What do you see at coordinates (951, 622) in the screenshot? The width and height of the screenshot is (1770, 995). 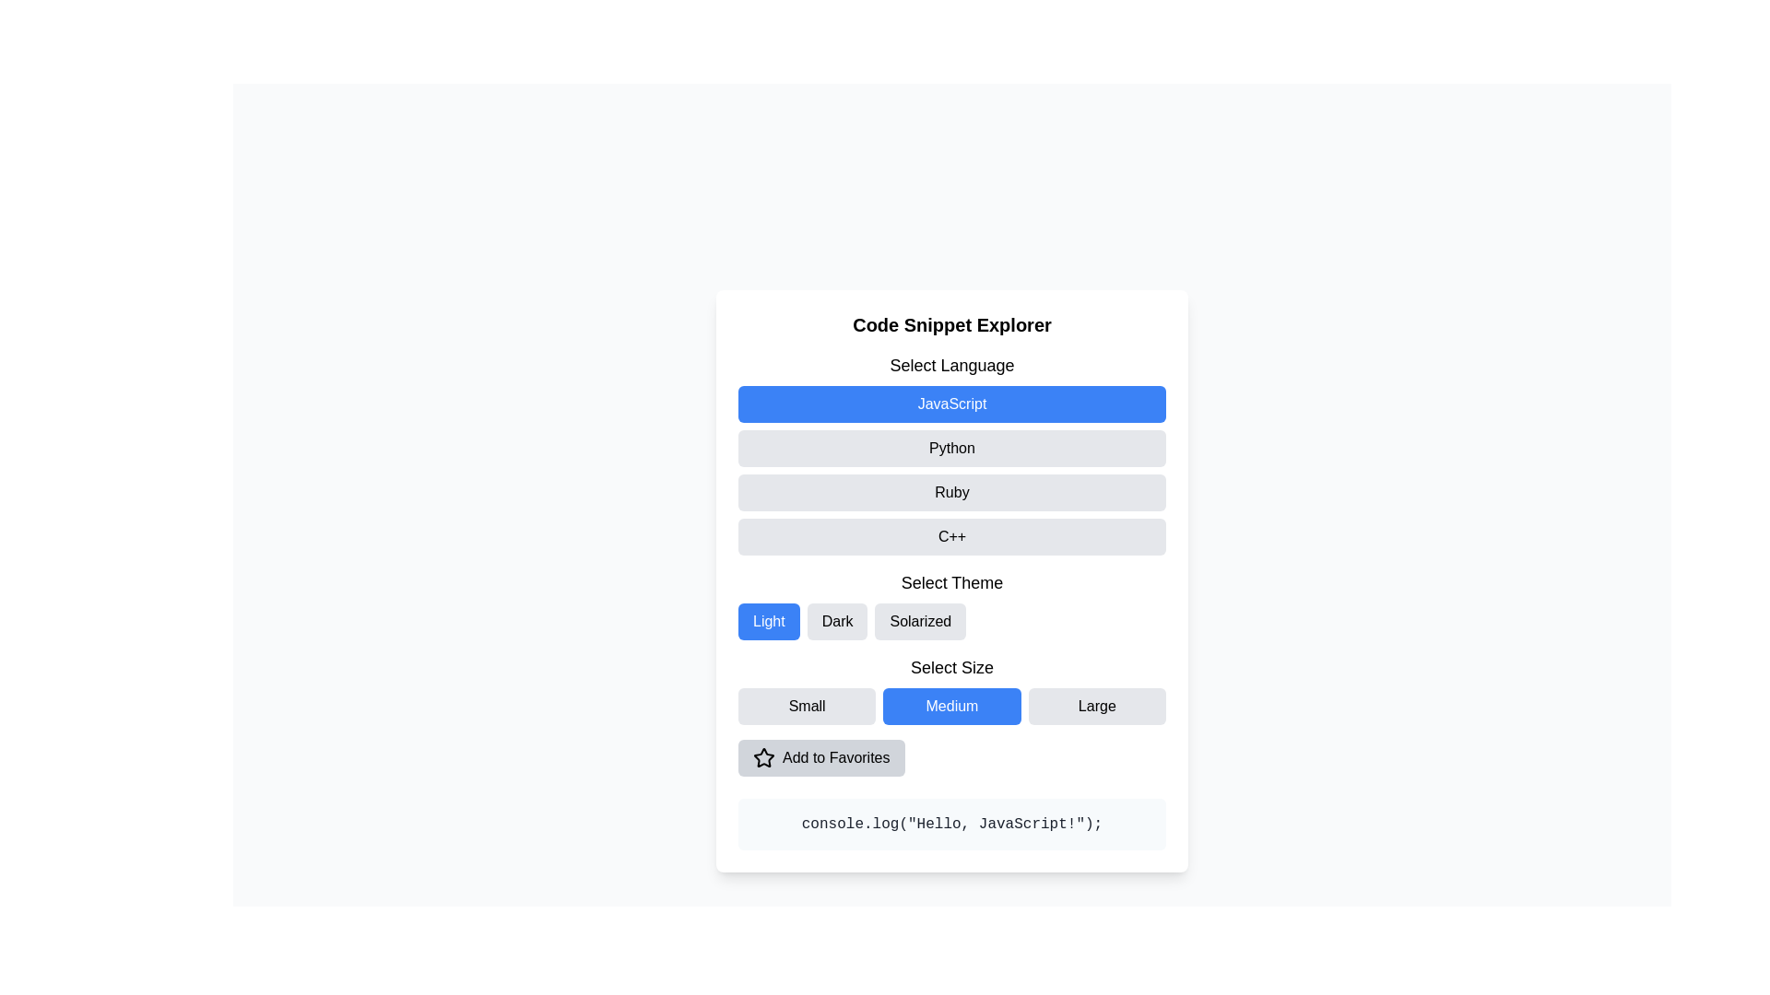 I see `the button group element containing the 'Light', 'Dark', and 'Solarized' buttons` at bounding box center [951, 622].